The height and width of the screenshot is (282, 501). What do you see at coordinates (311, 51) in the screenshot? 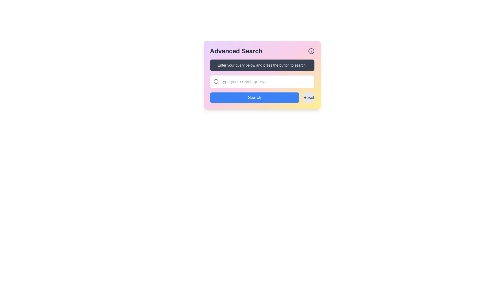
I see `the gray circular icon with a vertical line and a dot, located next to the 'Advanced Search' header` at bounding box center [311, 51].